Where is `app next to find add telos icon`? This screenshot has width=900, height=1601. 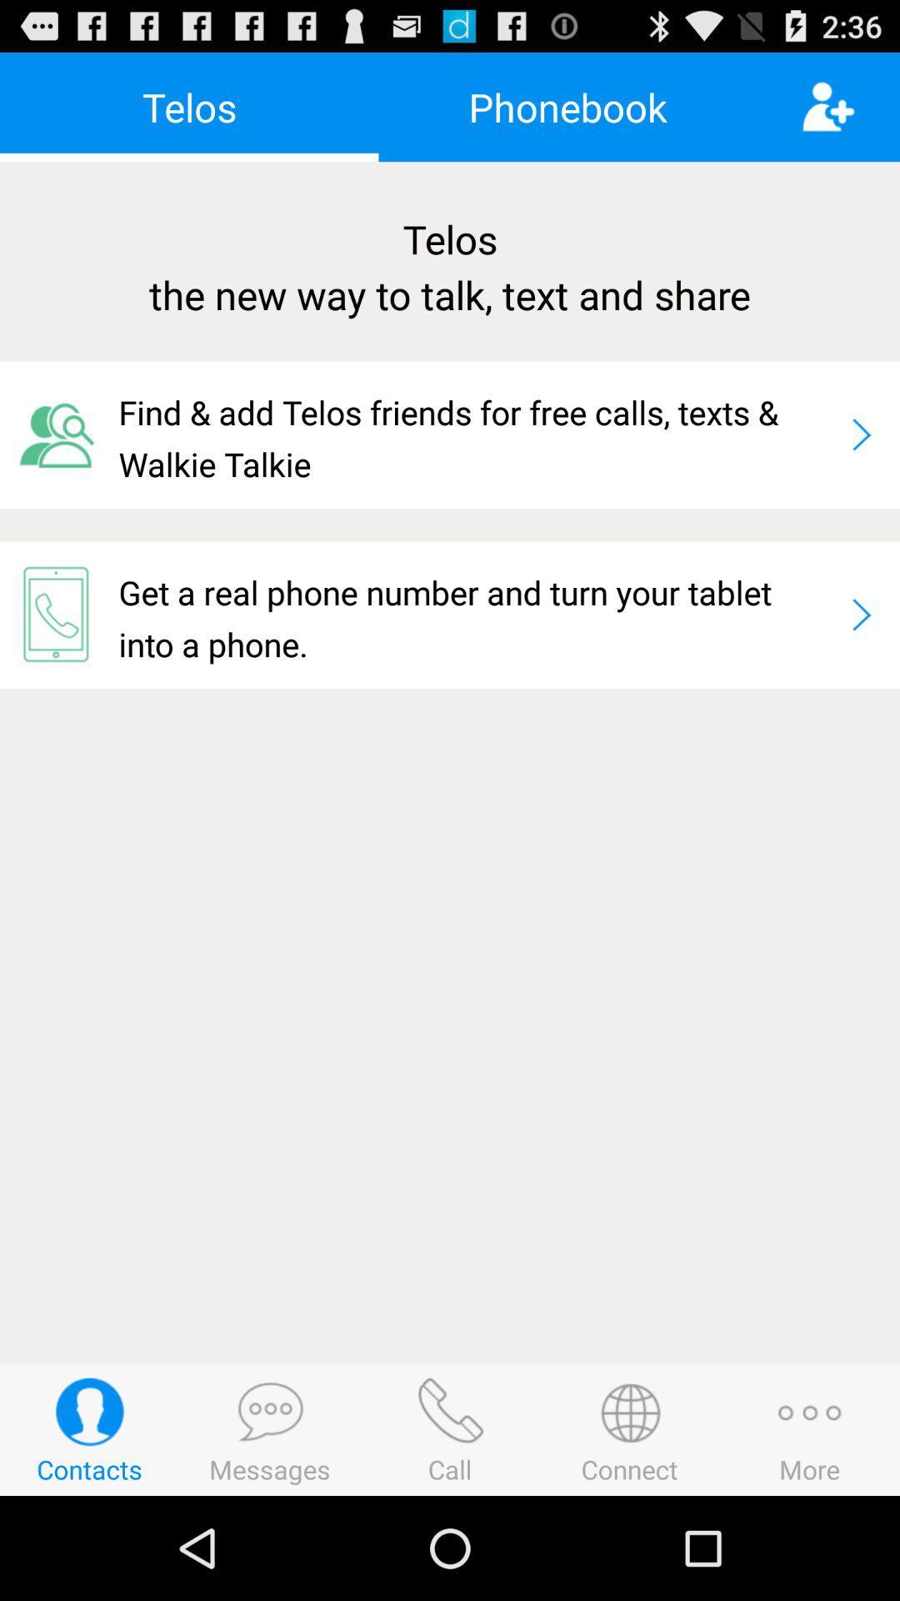 app next to find add telos icon is located at coordinates (861, 434).